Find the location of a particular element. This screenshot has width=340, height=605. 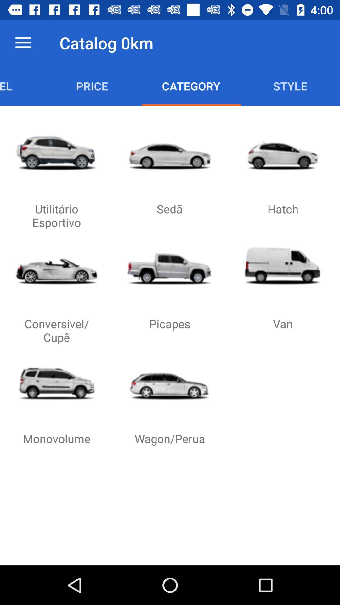

the image which is just below the style is located at coordinates (282, 151).